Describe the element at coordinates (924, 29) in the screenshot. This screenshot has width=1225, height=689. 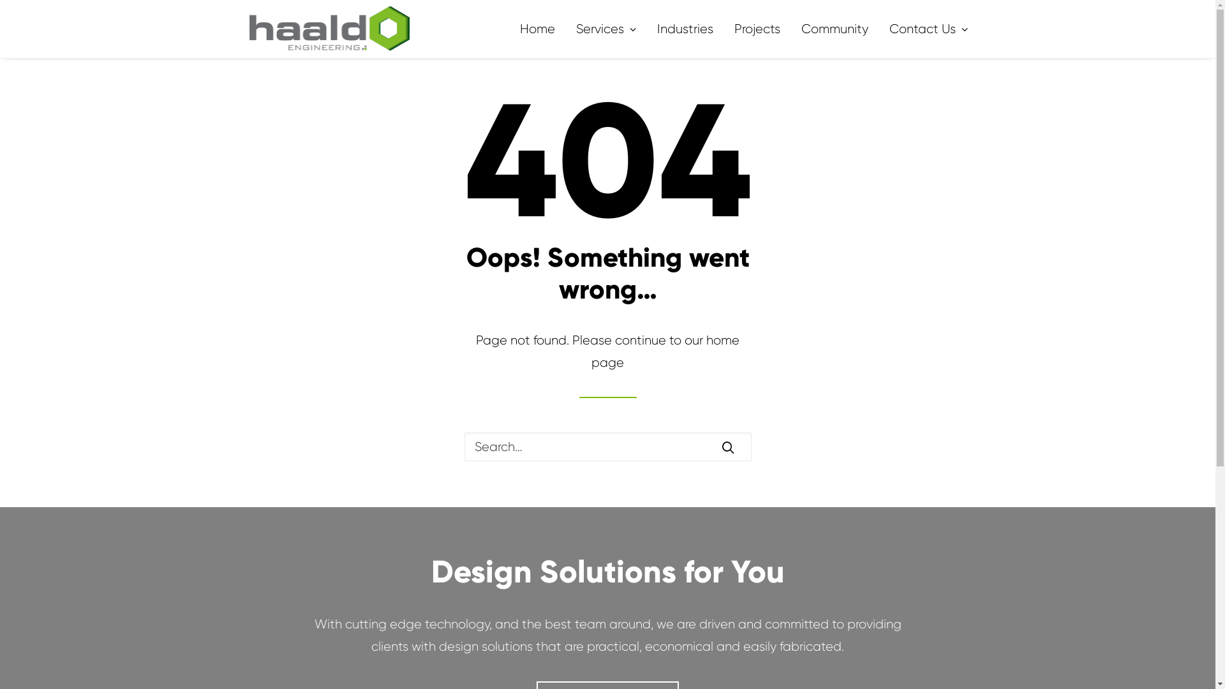
I see `'Contact Us'` at that location.